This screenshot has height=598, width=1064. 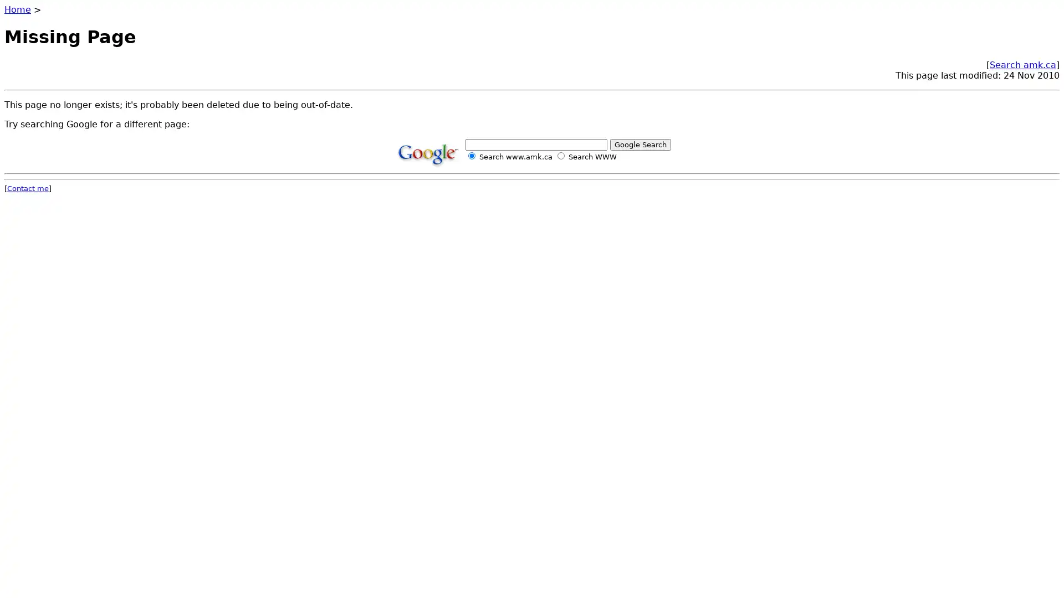 I want to click on Google Search, so click(x=640, y=143).